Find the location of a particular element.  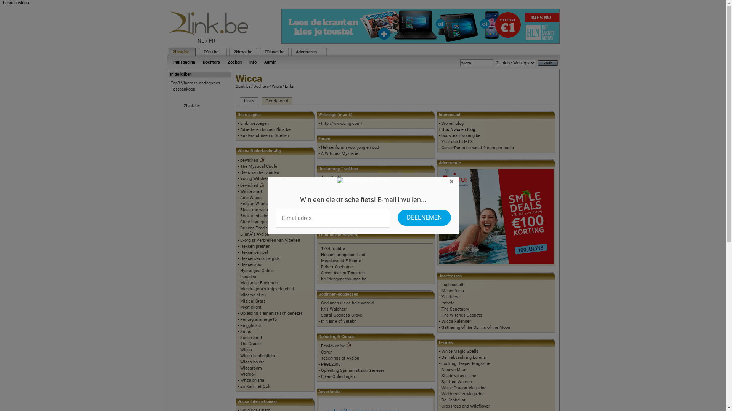

'Wicca-house' is located at coordinates (252, 362).